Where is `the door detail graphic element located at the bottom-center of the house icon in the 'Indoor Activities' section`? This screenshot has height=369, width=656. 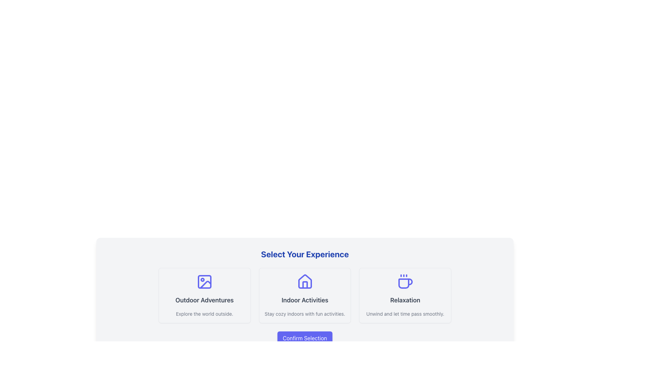
the door detail graphic element located at the bottom-center of the house icon in the 'Indoor Activities' section is located at coordinates (304, 285).